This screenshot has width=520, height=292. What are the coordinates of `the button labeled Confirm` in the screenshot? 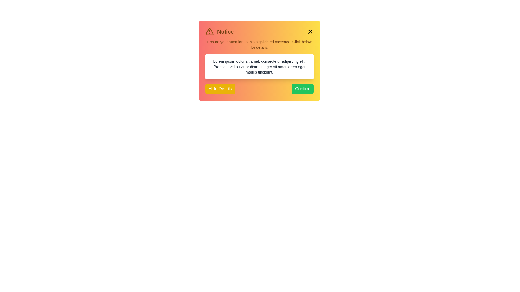 It's located at (303, 88).